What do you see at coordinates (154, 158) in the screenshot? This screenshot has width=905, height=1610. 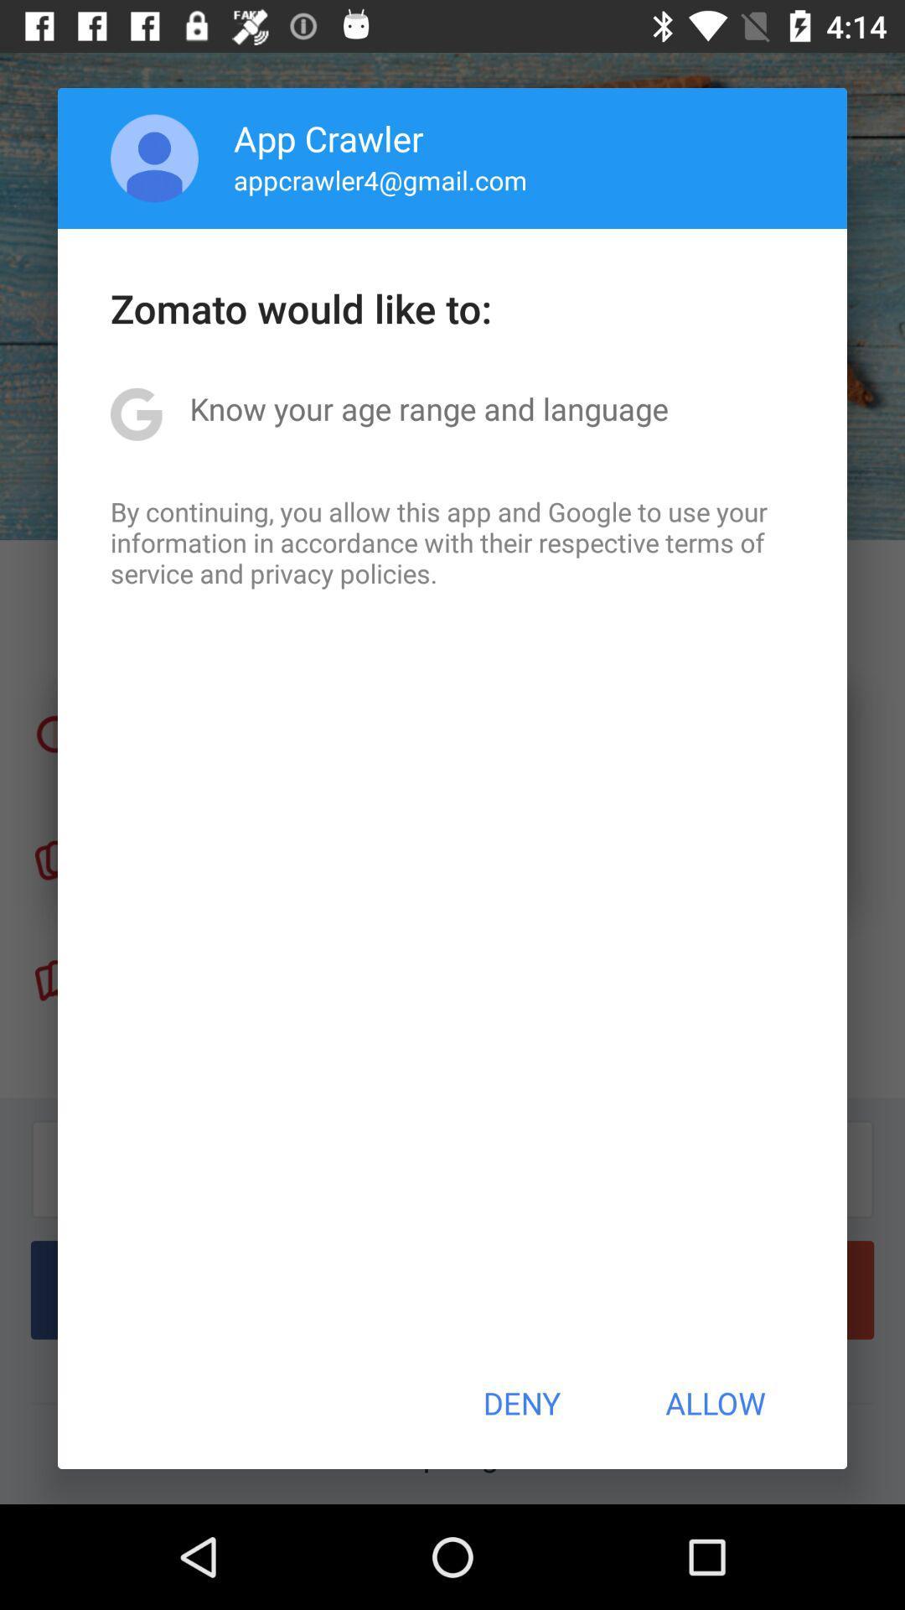 I see `icon to the left of app crawler` at bounding box center [154, 158].